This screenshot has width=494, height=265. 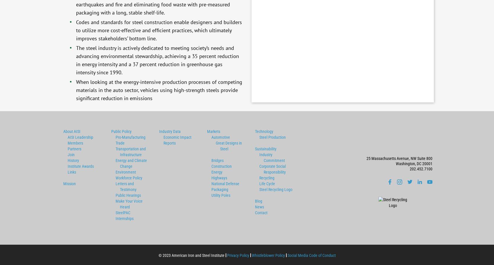 What do you see at coordinates (259, 206) in the screenshot?
I see `'News'` at bounding box center [259, 206].